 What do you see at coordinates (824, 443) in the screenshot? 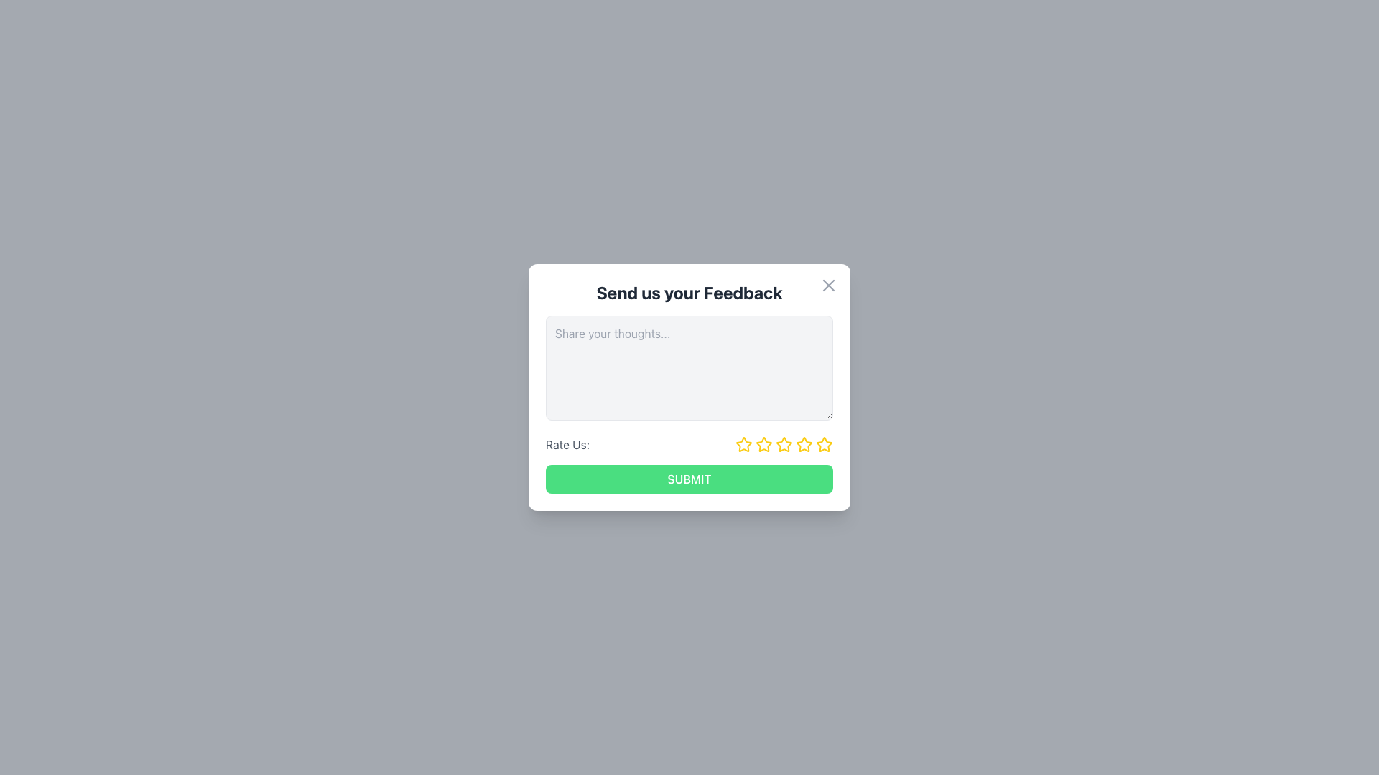
I see `the fifth star icon in the 'Rate Us' section of the feedback form` at bounding box center [824, 443].